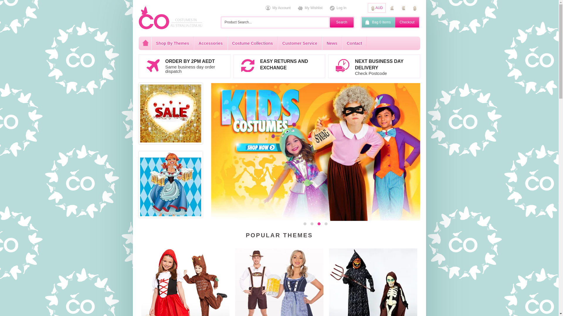  I want to click on 'My Wishlist', so click(310, 8).